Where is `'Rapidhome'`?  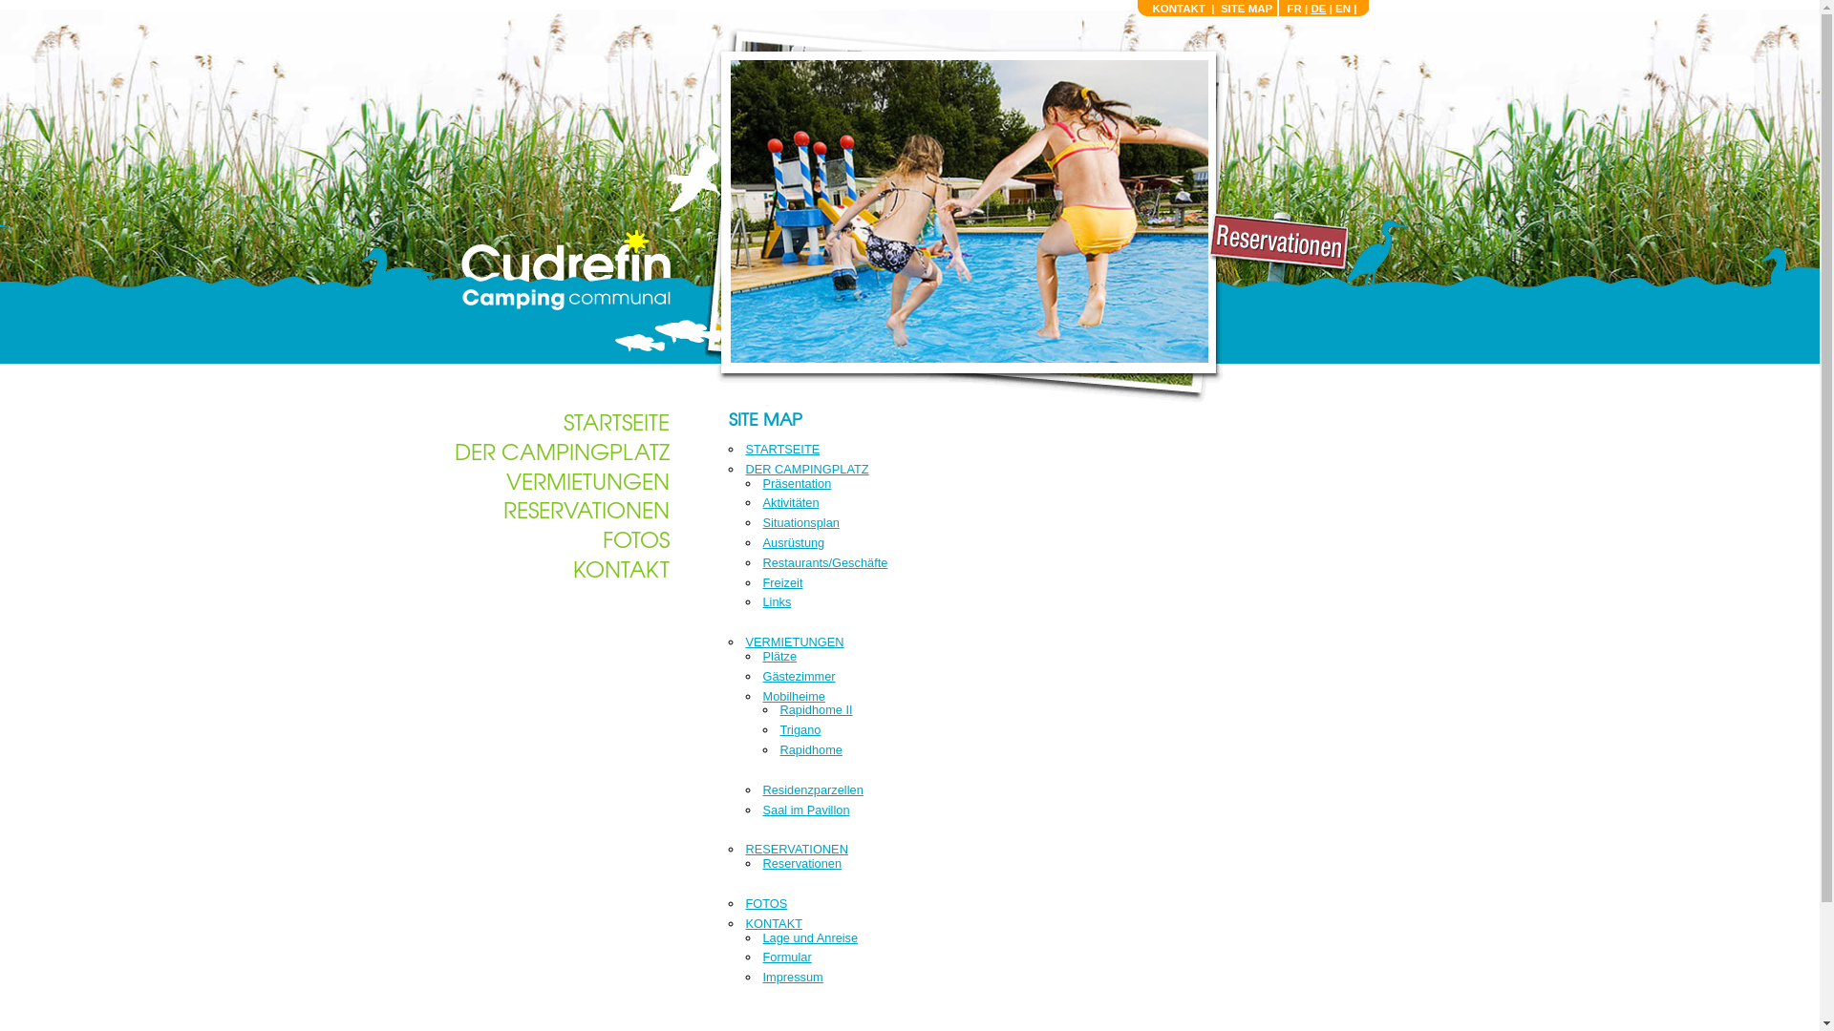
'Rapidhome' is located at coordinates (779, 748).